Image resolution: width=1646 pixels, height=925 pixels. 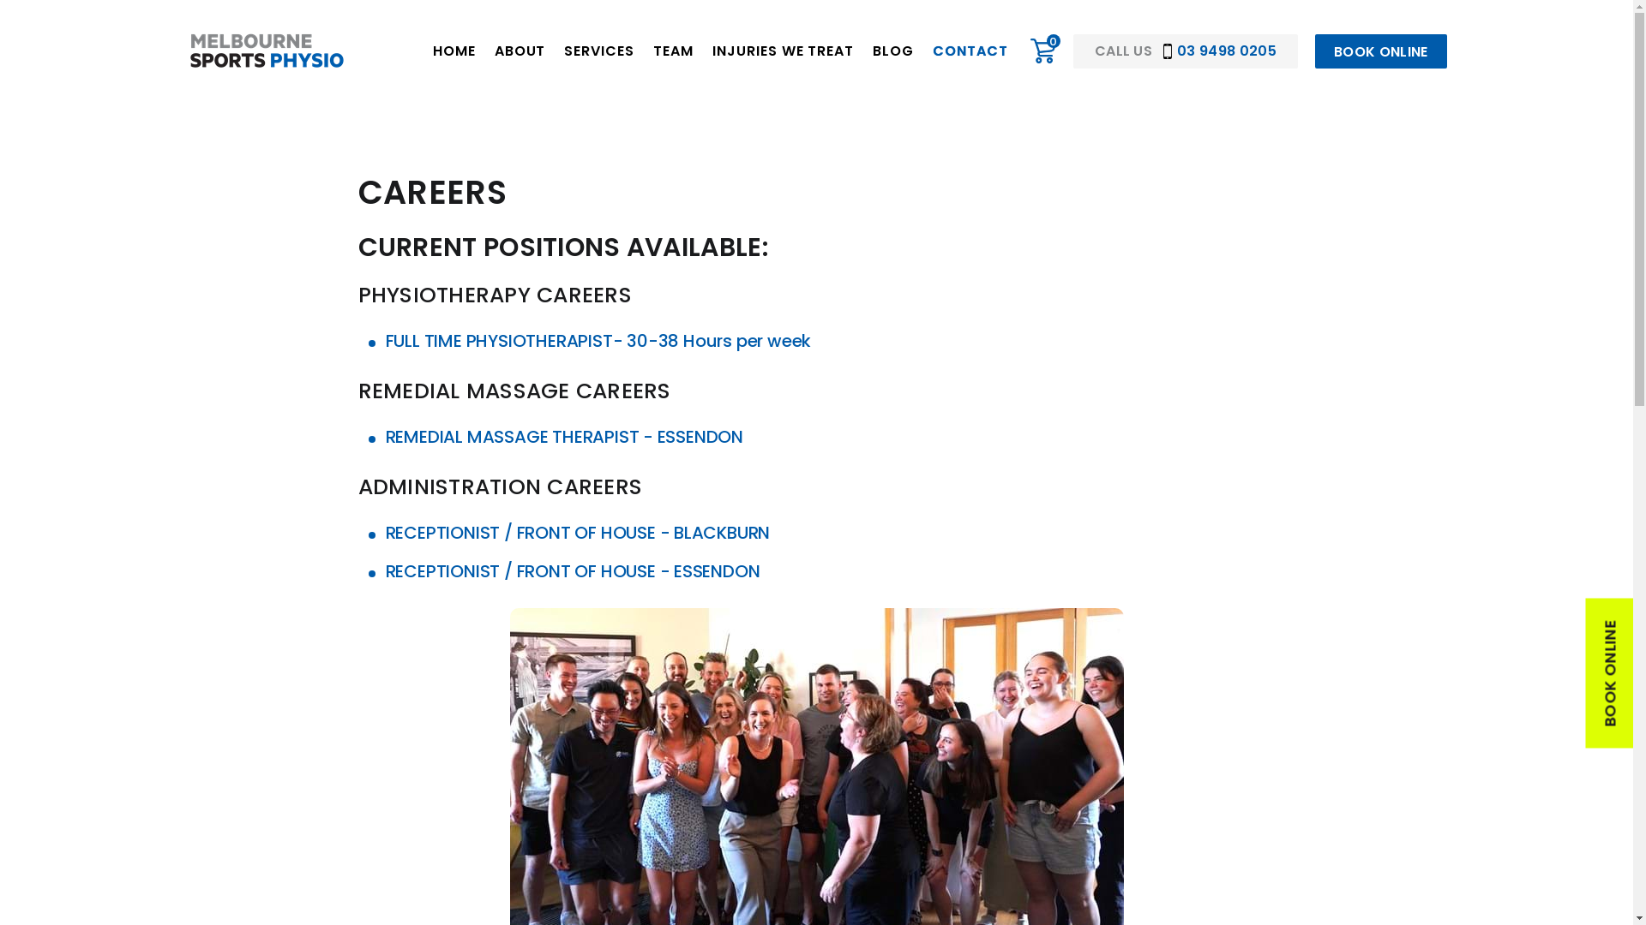 I want to click on 'TEAM', so click(x=672, y=51).